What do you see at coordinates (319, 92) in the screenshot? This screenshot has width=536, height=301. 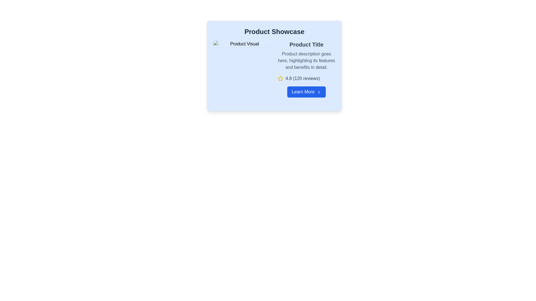 I see `the right-pointing chevron icon with a thin black outline located next to the 'Learn More' button text` at bounding box center [319, 92].